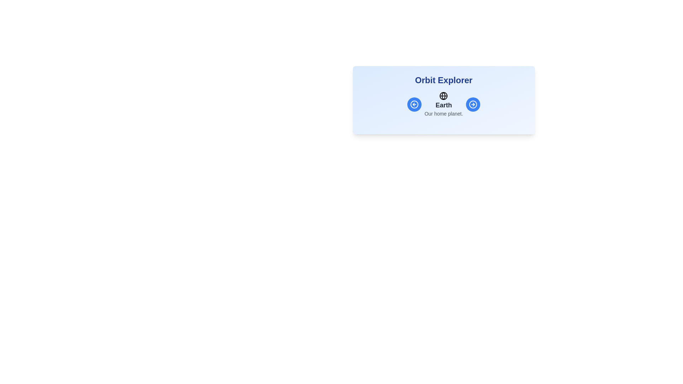 This screenshot has height=384, width=683. Describe the element at coordinates (443, 104) in the screenshot. I see `the Visual Descriptor with Icon and Text representing the planet Earth, located beneath the header 'Orbit Explorer'` at that location.